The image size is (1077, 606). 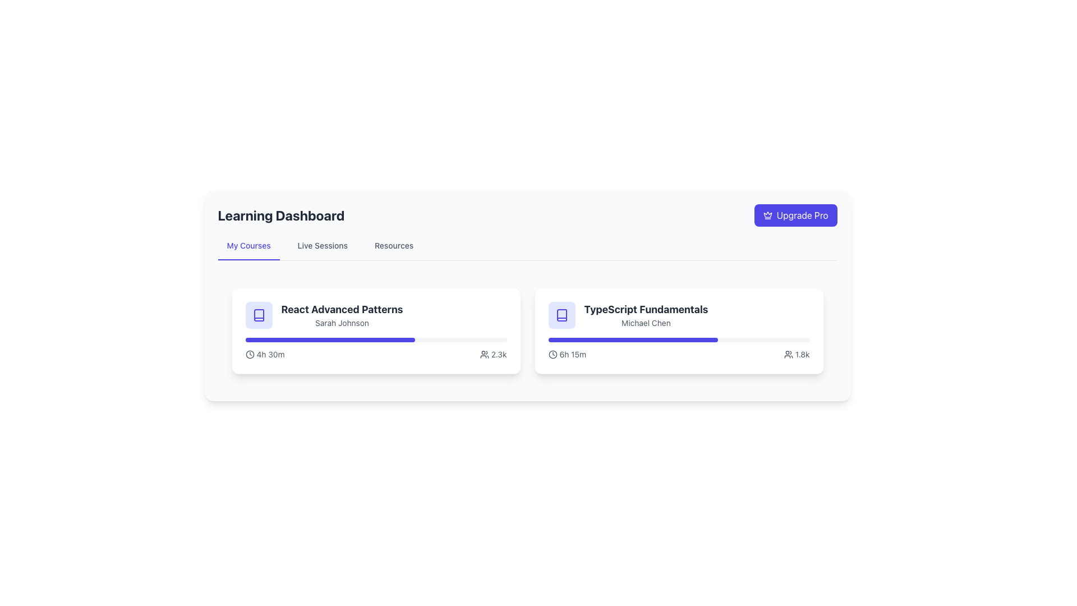 What do you see at coordinates (341, 309) in the screenshot?
I see `the Text Label that serves as a title or heading for the card, located above the text element labeled 'Sarah Johnson' in the first card of a horizontal list of cards` at bounding box center [341, 309].